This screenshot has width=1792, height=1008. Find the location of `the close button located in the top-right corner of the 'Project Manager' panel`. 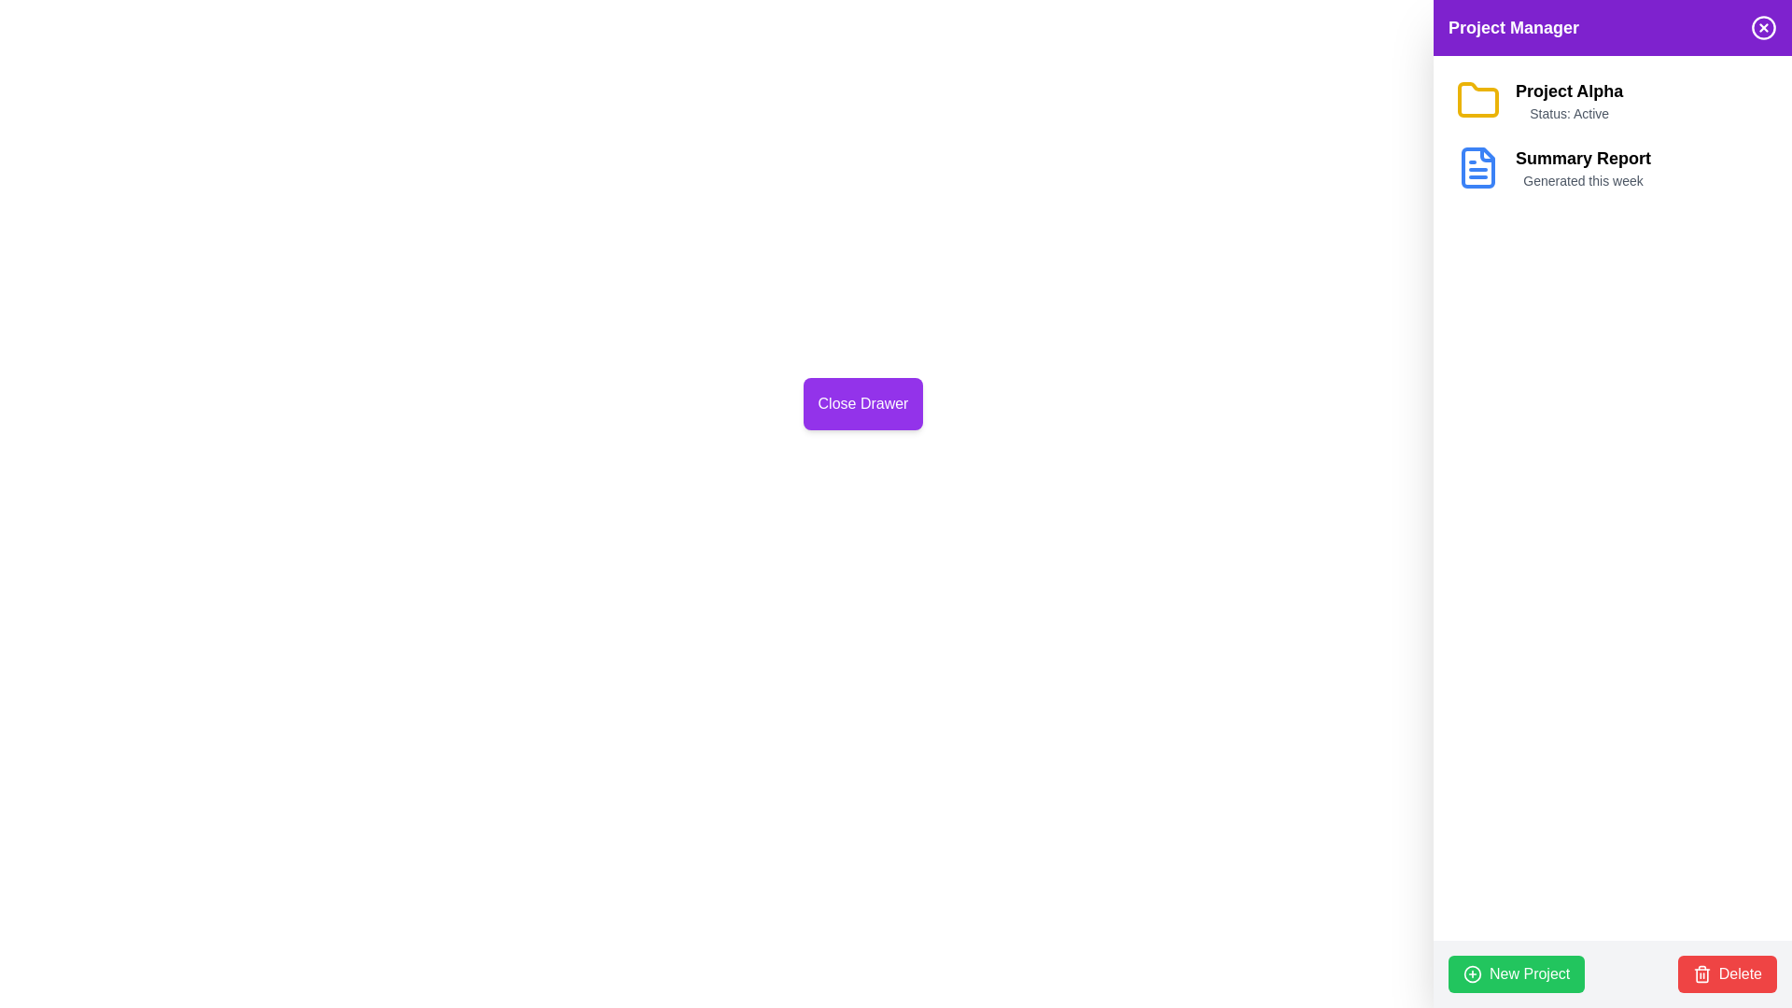

the close button located in the top-right corner of the 'Project Manager' panel is located at coordinates (1763, 28).